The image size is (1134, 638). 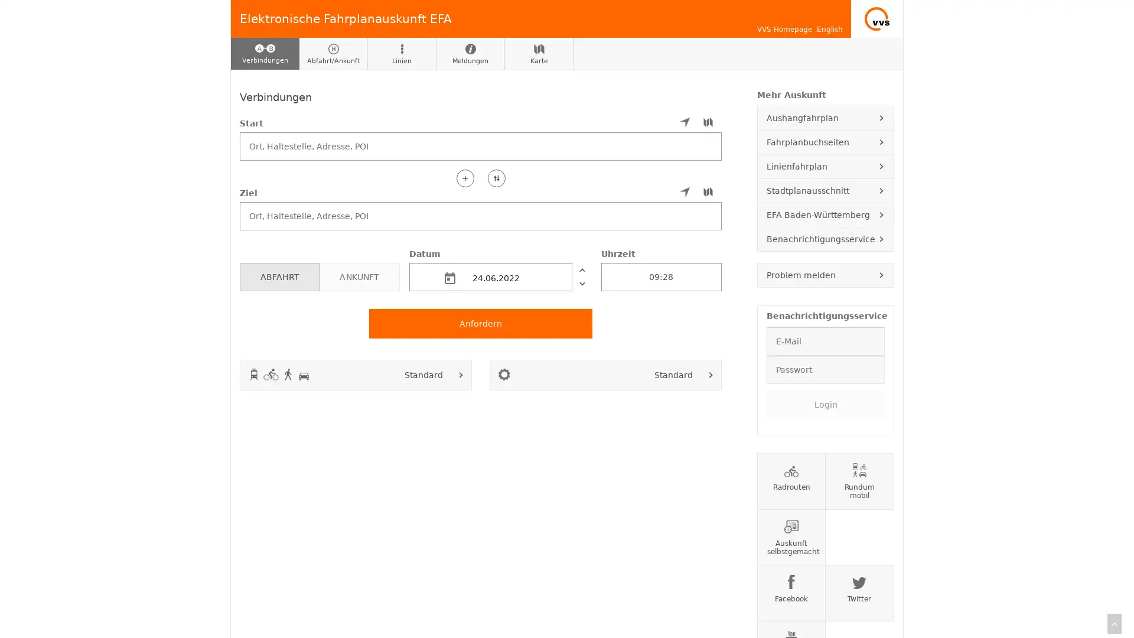 What do you see at coordinates (581, 269) in the screenshot?
I see `vorher` at bounding box center [581, 269].